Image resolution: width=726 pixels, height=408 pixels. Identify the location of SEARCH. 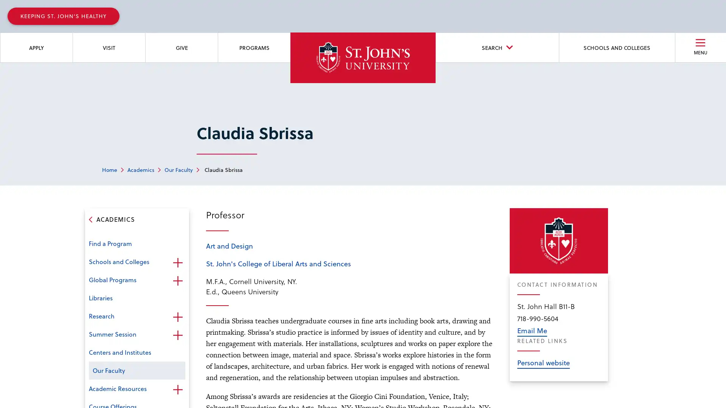
(497, 48).